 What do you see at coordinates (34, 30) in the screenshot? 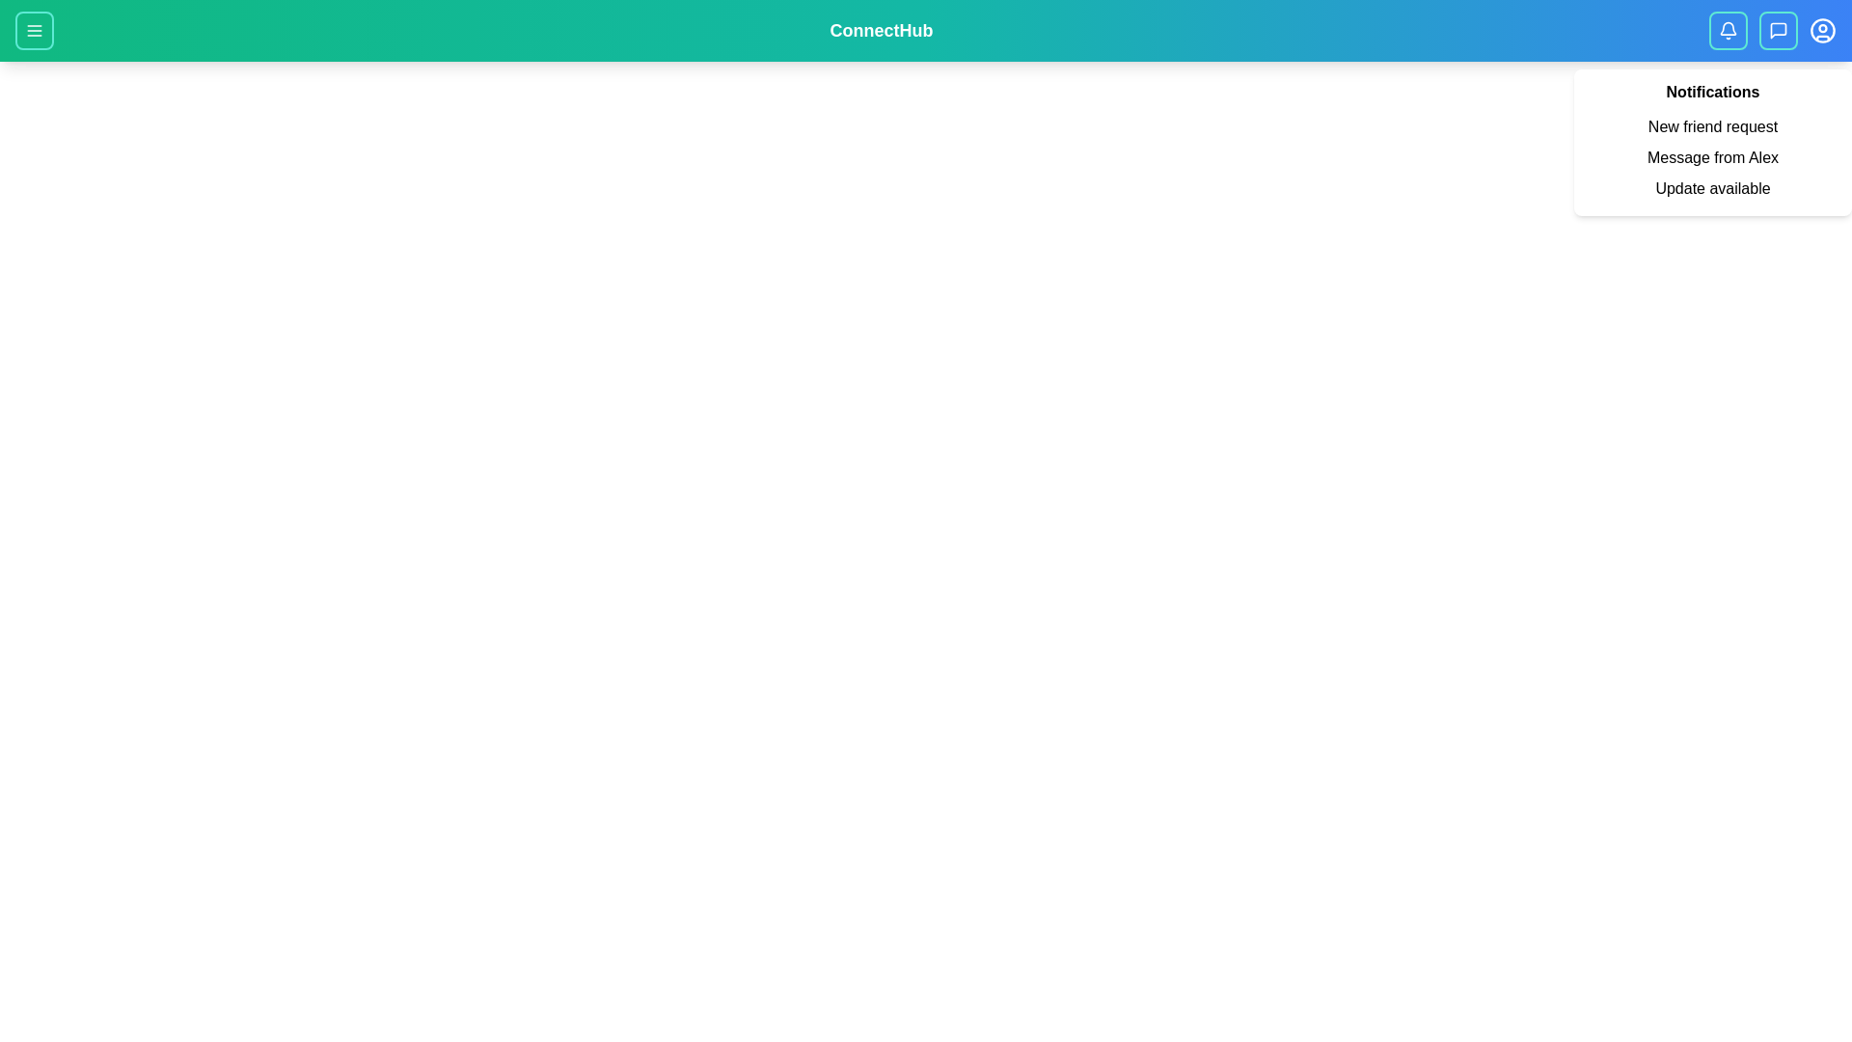
I see `the menu button to open the menu` at bounding box center [34, 30].